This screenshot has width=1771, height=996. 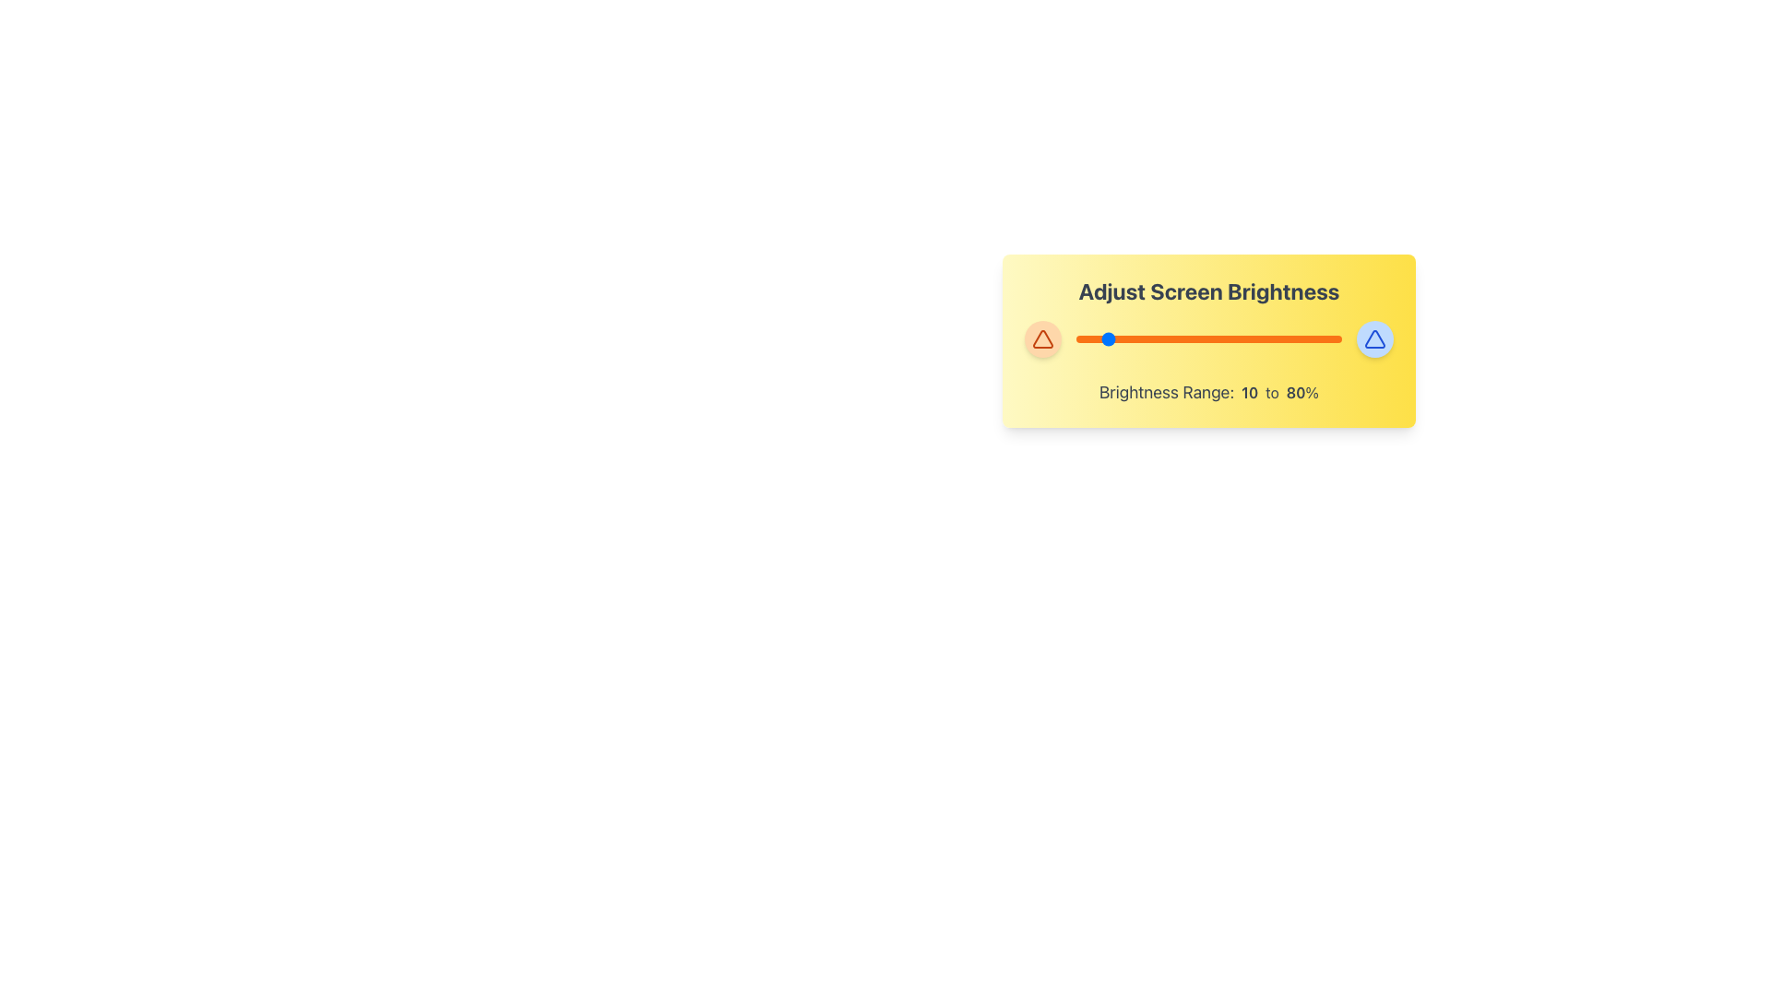 I want to click on the brightness level, so click(x=1240, y=338).